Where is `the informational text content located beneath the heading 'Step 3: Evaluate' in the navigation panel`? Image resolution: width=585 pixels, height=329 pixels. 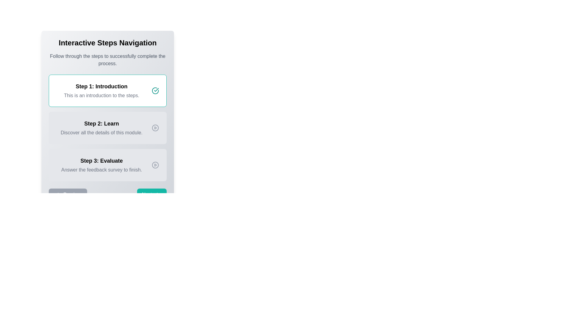
the informational text content located beneath the heading 'Step 3: Evaluate' in the navigation panel is located at coordinates (101, 170).